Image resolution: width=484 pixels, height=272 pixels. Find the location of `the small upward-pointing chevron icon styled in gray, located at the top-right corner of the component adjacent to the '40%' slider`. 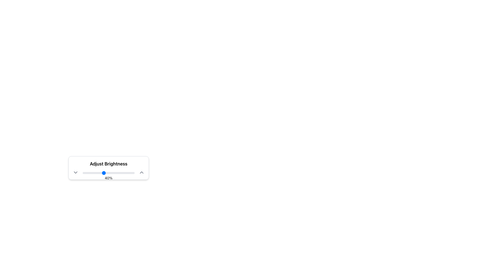

the small upward-pointing chevron icon styled in gray, located at the top-right corner of the component adjacent to the '40%' slider is located at coordinates (141, 172).